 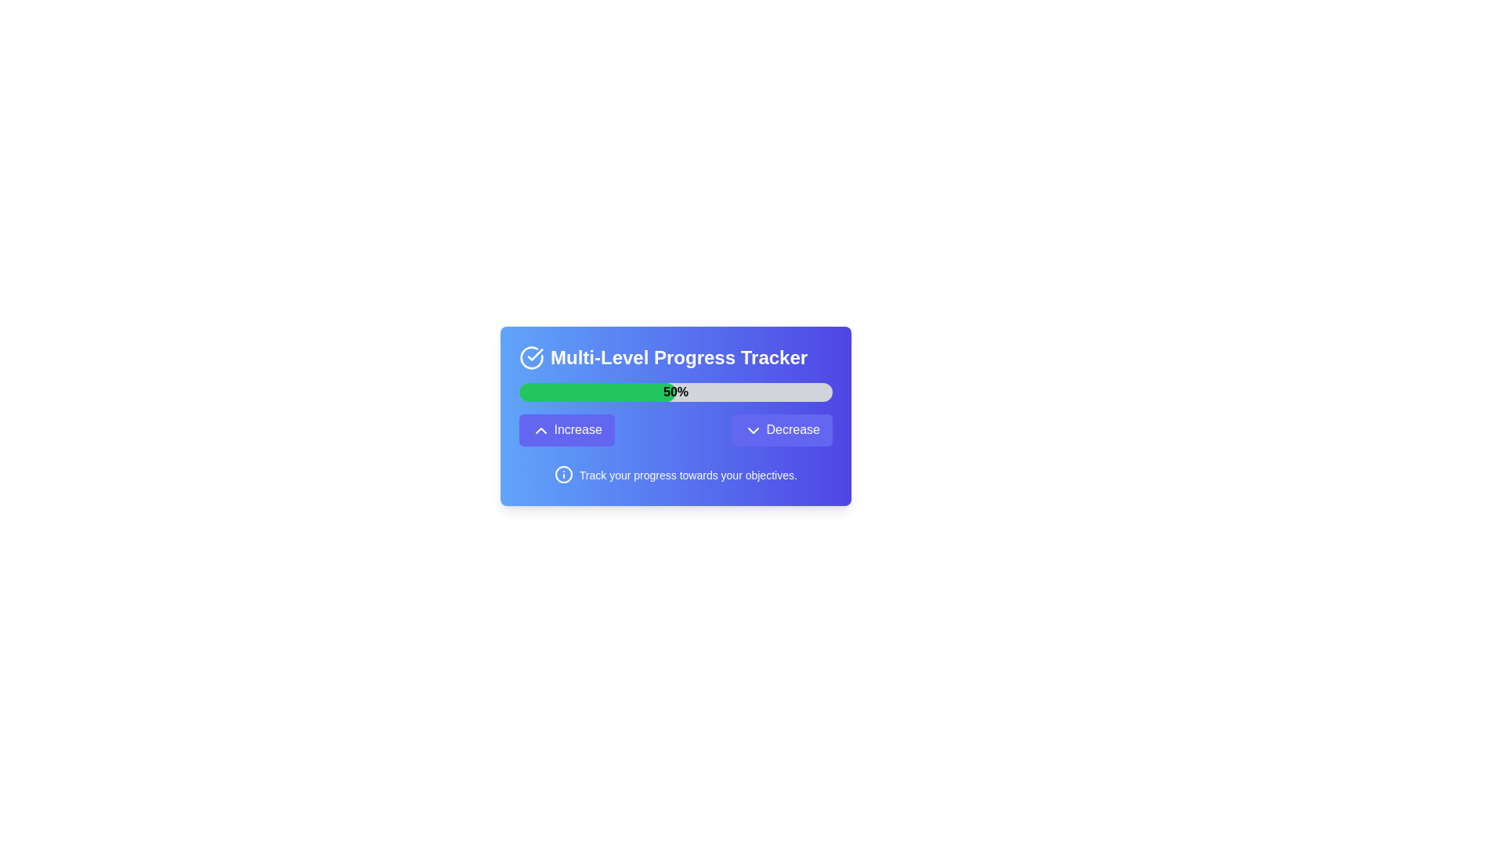 What do you see at coordinates (566, 430) in the screenshot?
I see `the 'Increase' button, which has a purple background, rounded corners, and white text with an upward-facing arrow icon on its left side` at bounding box center [566, 430].